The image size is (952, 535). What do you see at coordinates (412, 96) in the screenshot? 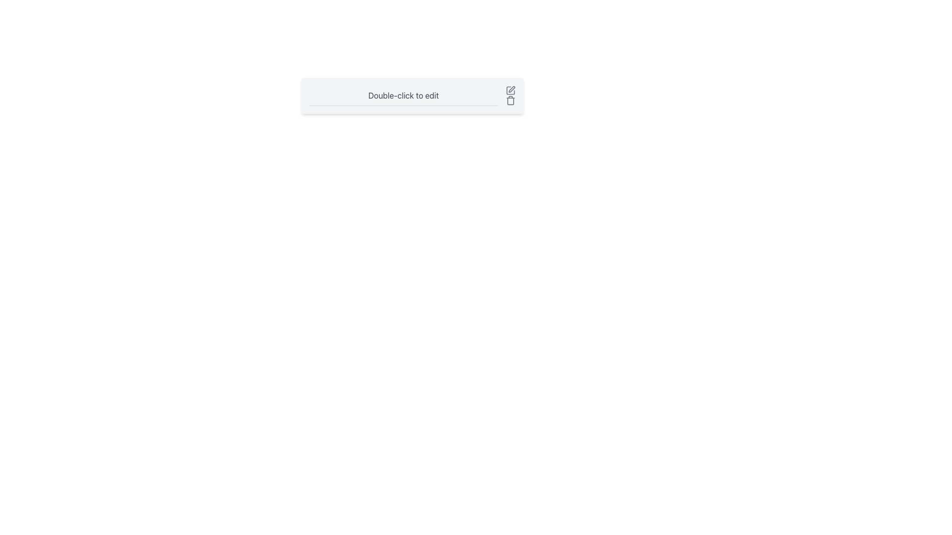
I see `the text box with light-gray background that displays 'Double-click to edit' to edit the content` at bounding box center [412, 96].